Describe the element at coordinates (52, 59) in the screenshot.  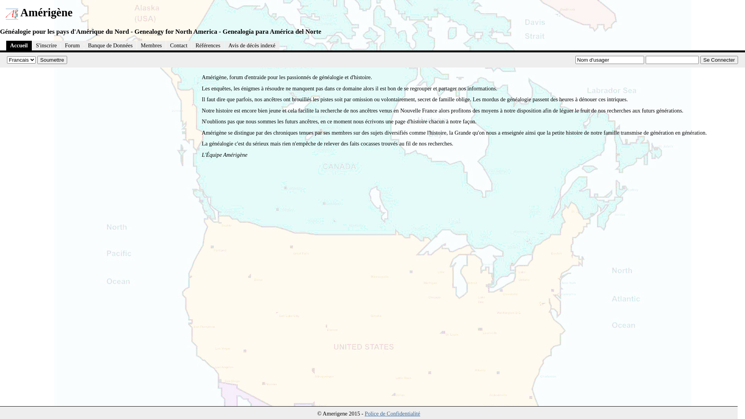
I see `'Soumettre'` at that location.